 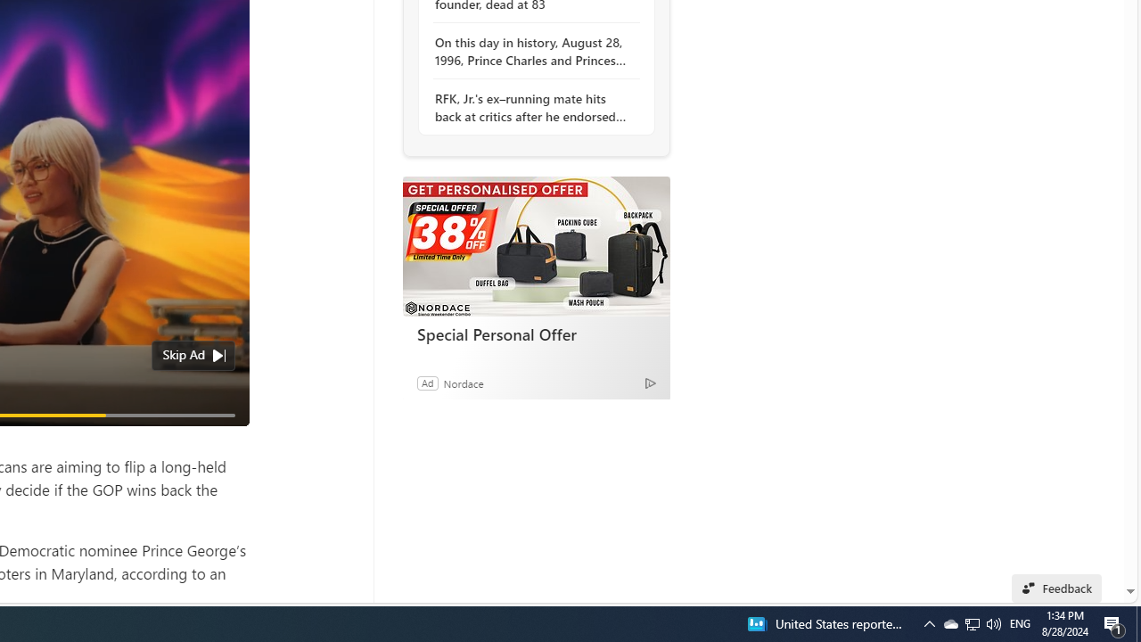 What do you see at coordinates (1056, 588) in the screenshot?
I see `'Feedback'` at bounding box center [1056, 588].